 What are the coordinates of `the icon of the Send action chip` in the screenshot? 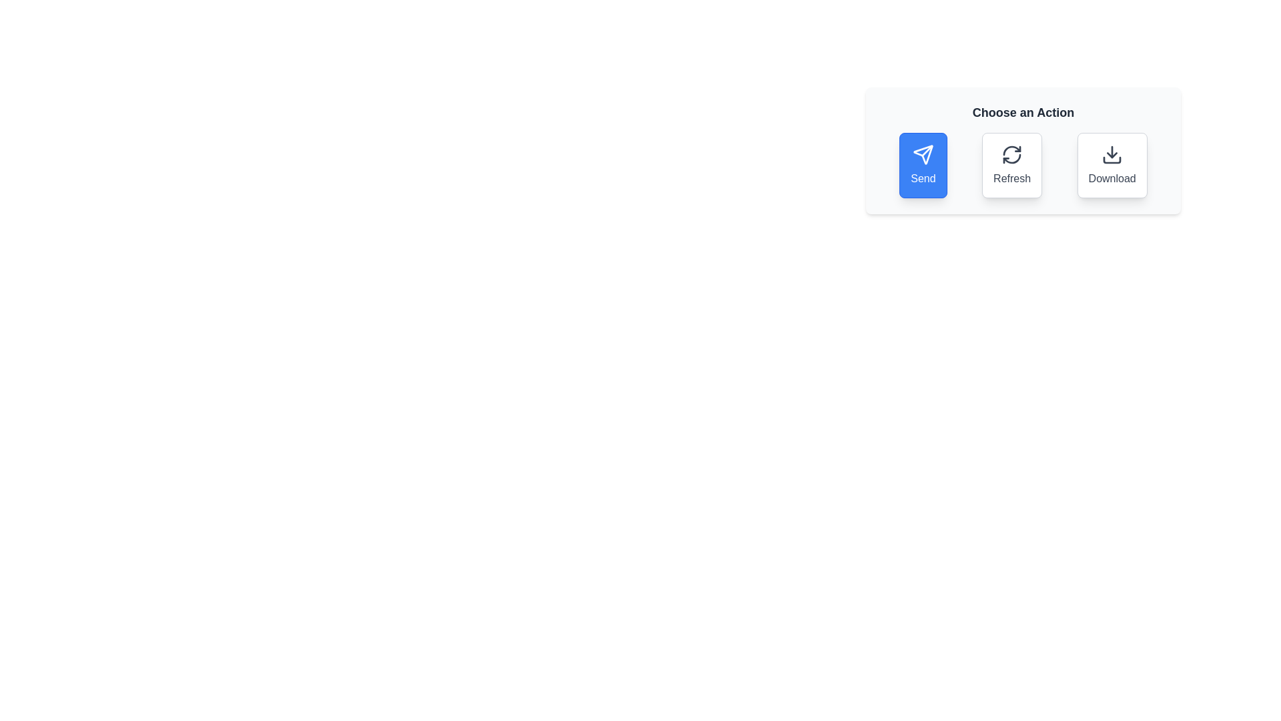 It's located at (922, 154).